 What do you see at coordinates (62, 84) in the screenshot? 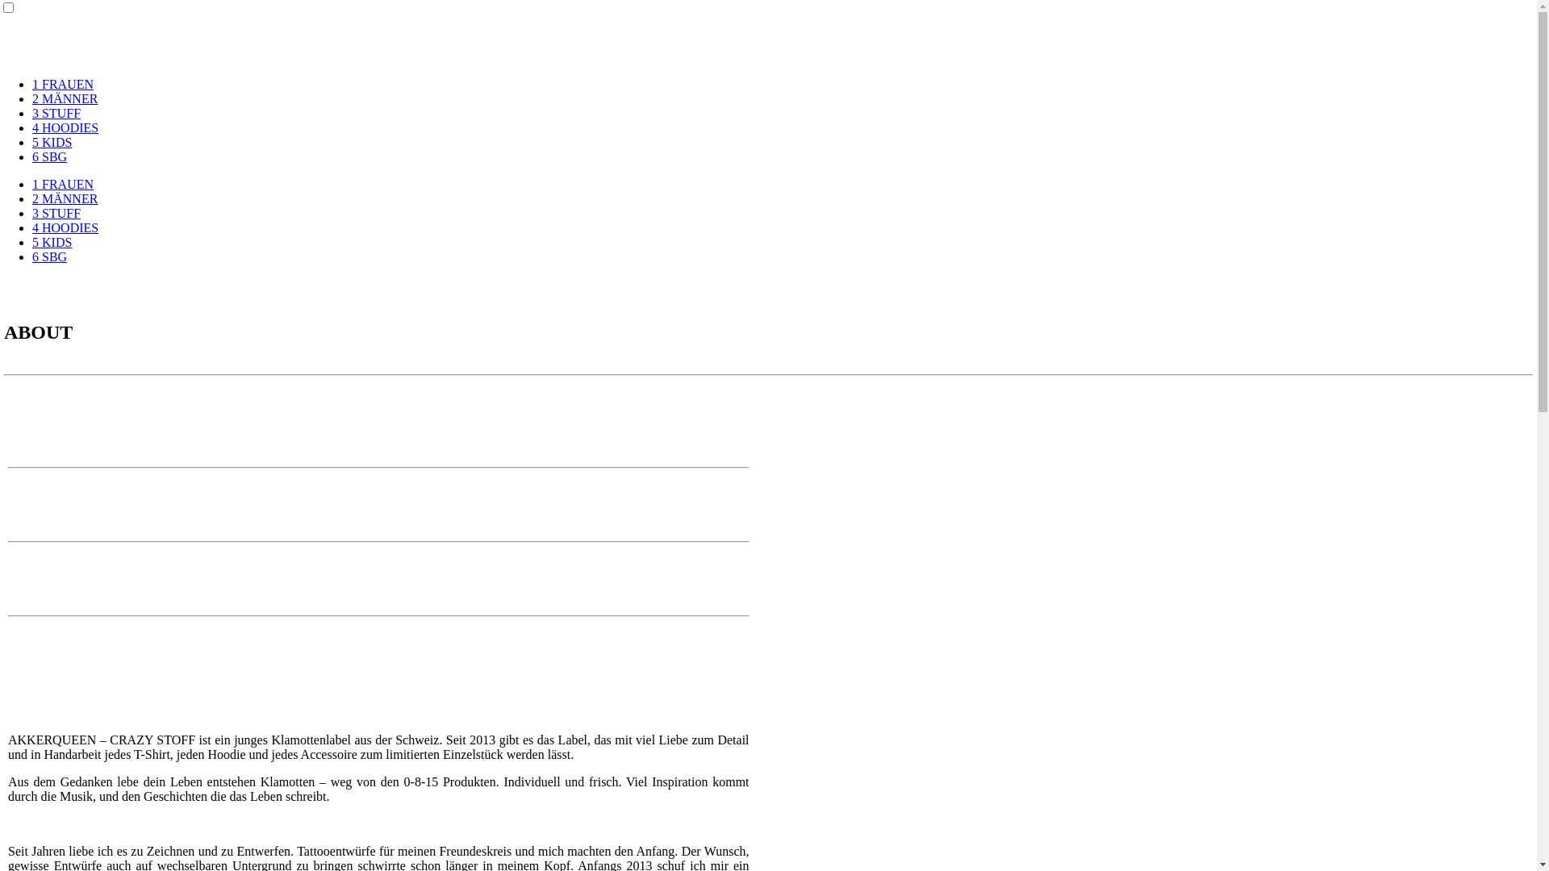
I see `'1 FRAUEN'` at bounding box center [62, 84].